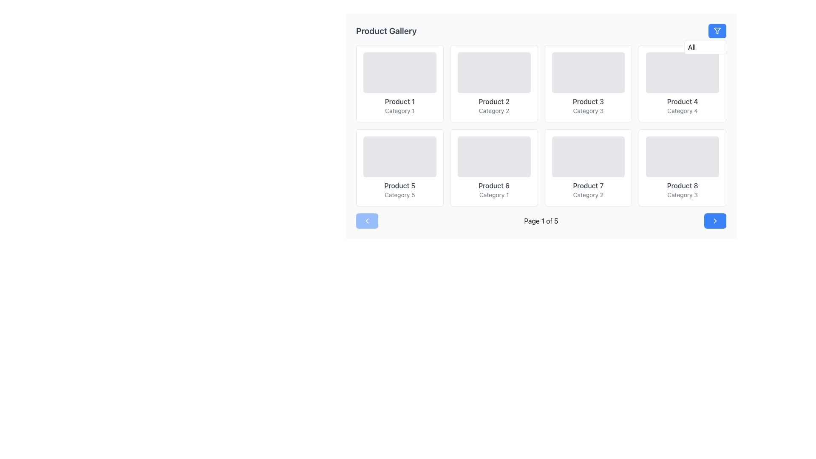 This screenshot has width=816, height=459. I want to click on text from the Label indicating 'Category 4' for 'Product 4', located in the bottom section of the card directly below the 'Product 4' label, so click(683, 110).